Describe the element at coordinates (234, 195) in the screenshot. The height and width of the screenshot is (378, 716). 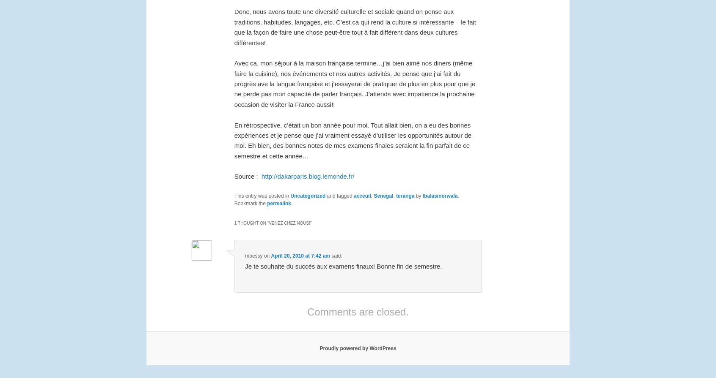
I see `'This entry was posted in'` at that location.